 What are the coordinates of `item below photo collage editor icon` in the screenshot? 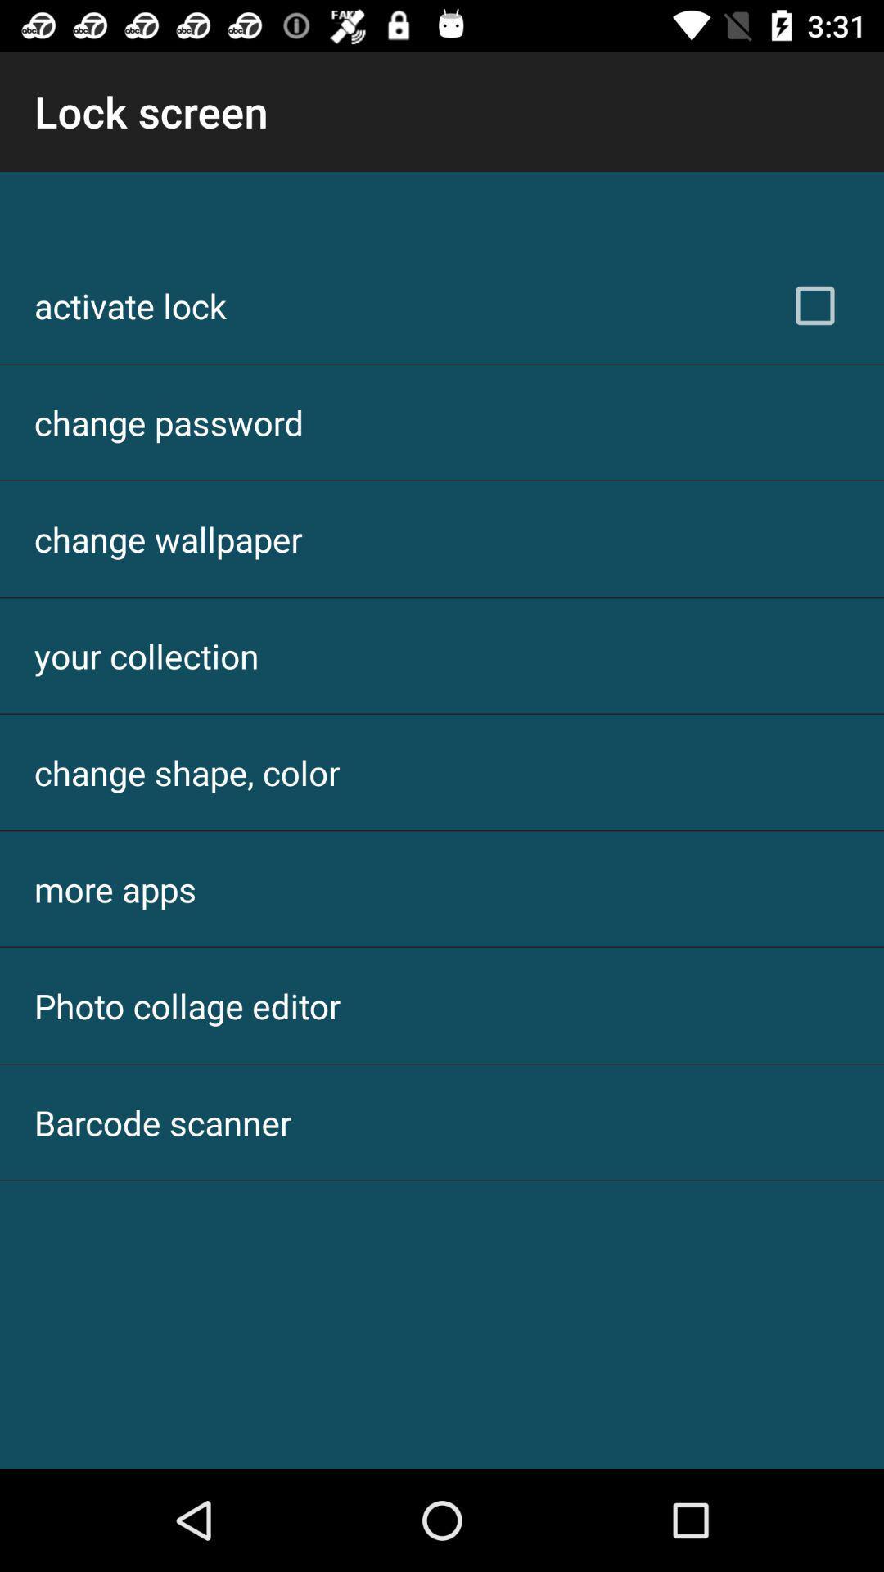 It's located at (163, 1122).